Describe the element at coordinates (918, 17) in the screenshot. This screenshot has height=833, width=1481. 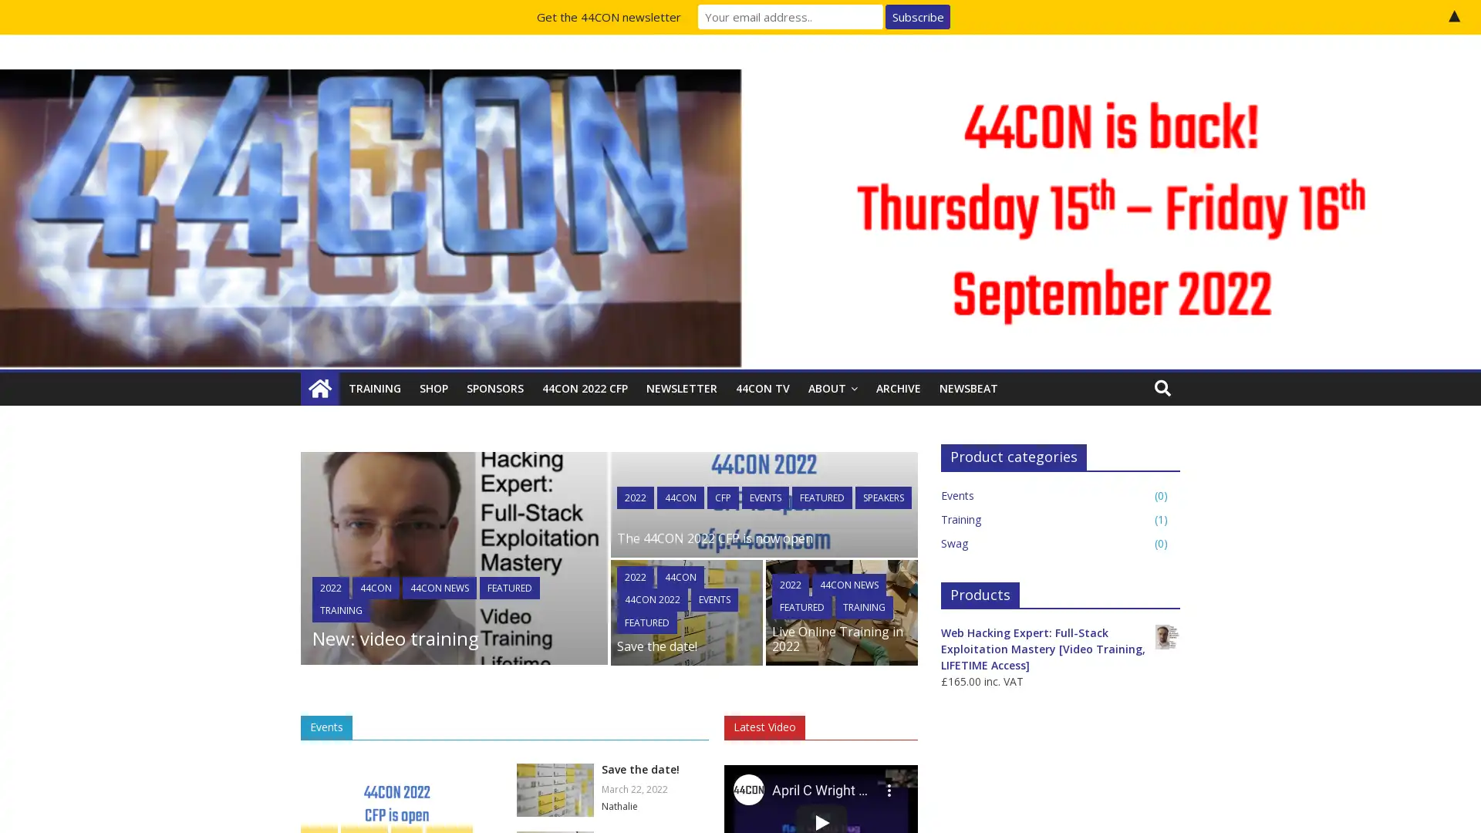
I see `Subscribe` at that location.